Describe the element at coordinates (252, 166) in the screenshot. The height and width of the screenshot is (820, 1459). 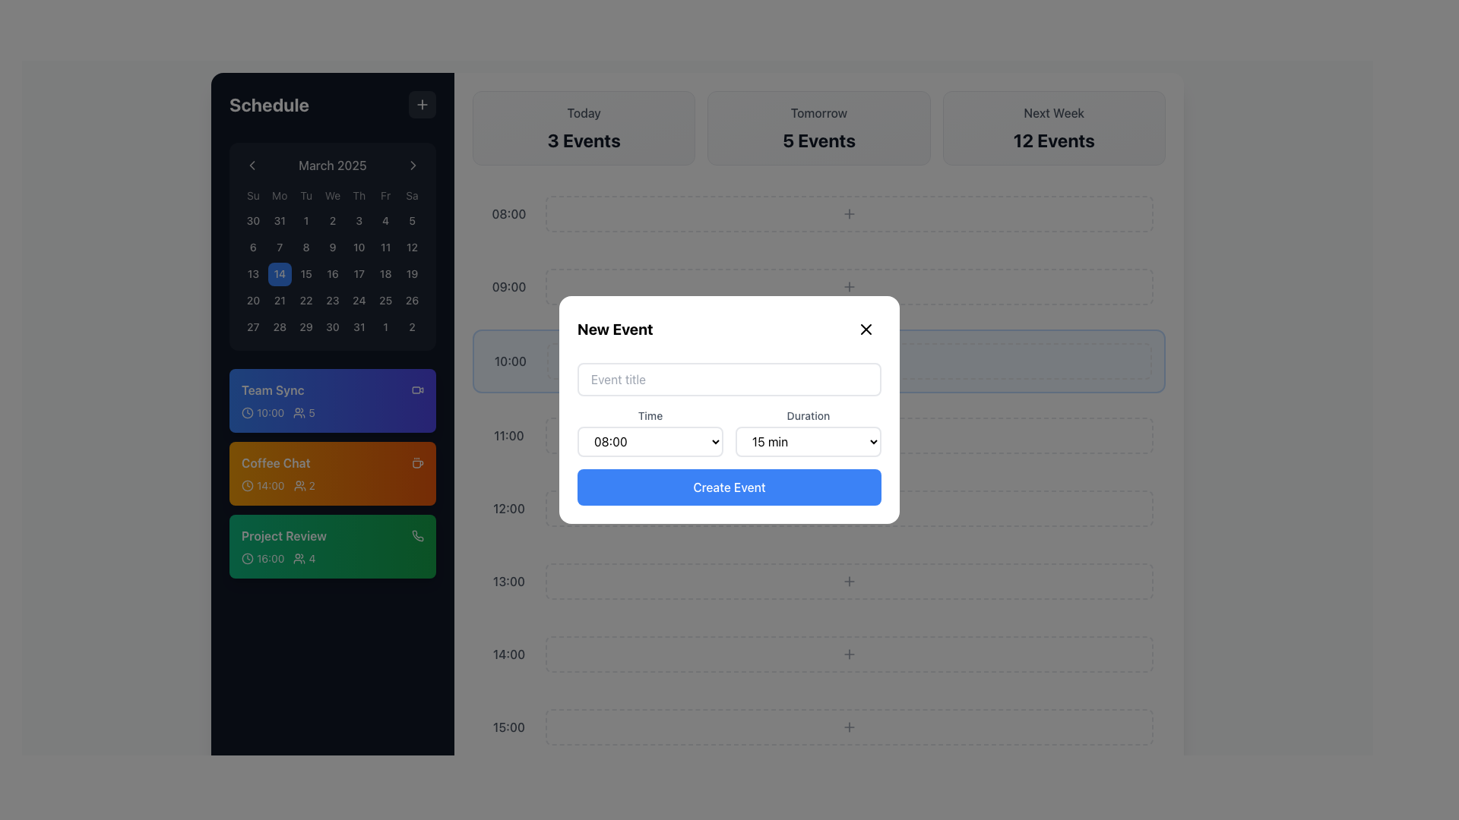
I see `the leftward-facing chevron icon button located in the left sidebar adjacent to the heading 'March 2025'` at that location.